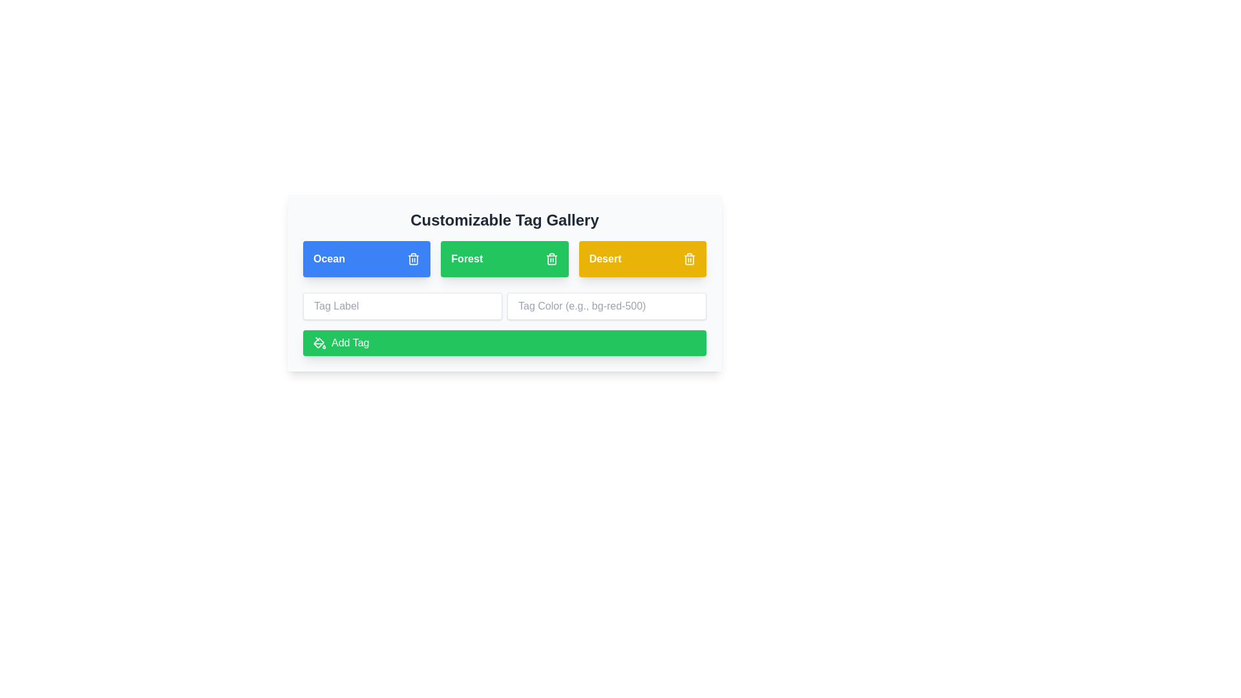  What do you see at coordinates (504, 259) in the screenshot?
I see `the chip labeled Forest to select or highlight it` at bounding box center [504, 259].